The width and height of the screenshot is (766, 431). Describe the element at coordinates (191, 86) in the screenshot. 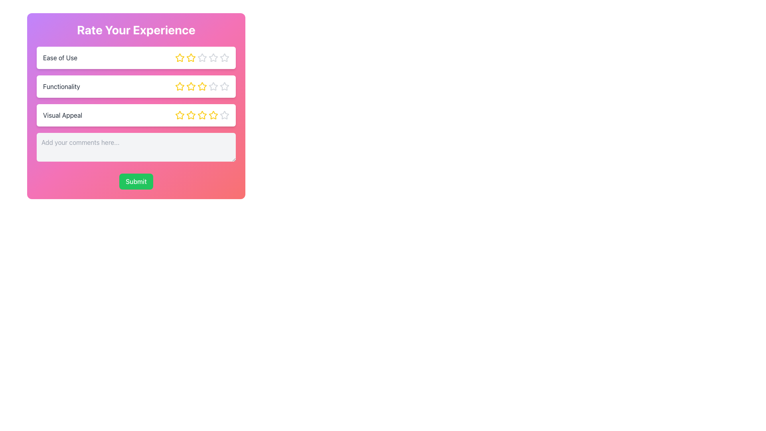

I see `the third star icon in the Functionality rating section to prepare for selection` at that location.